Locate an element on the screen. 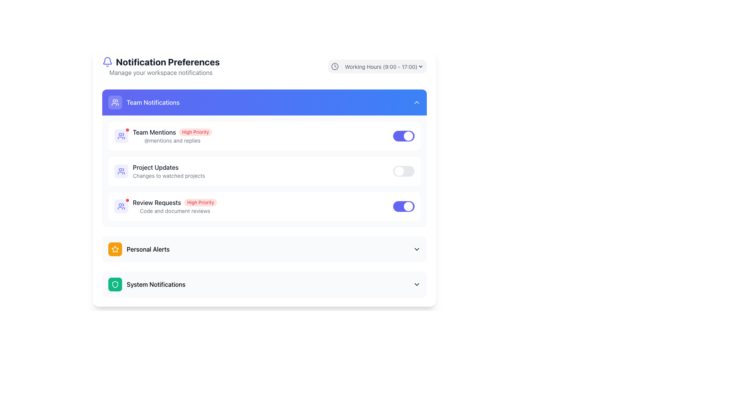 The image size is (735, 413). the circular vector graphic component within the clock icon located near the top-right corner of the interface, adjacent to the 'Working Hours' dropdown menu is located at coordinates (335, 66).